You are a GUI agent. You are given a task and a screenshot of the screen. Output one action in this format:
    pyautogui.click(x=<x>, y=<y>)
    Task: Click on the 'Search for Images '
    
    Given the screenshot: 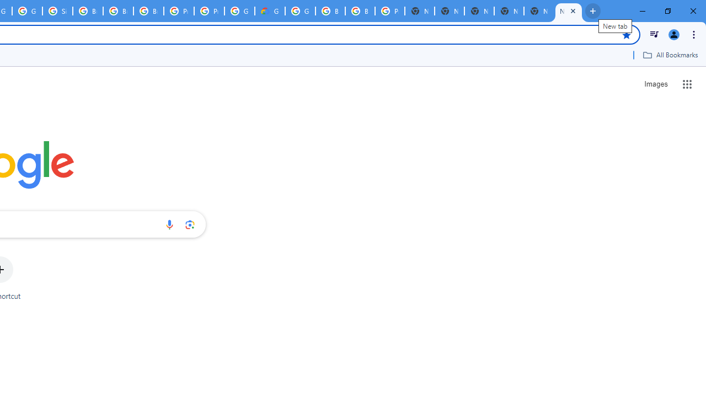 What is the action you would take?
    pyautogui.click(x=656, y=84)
    